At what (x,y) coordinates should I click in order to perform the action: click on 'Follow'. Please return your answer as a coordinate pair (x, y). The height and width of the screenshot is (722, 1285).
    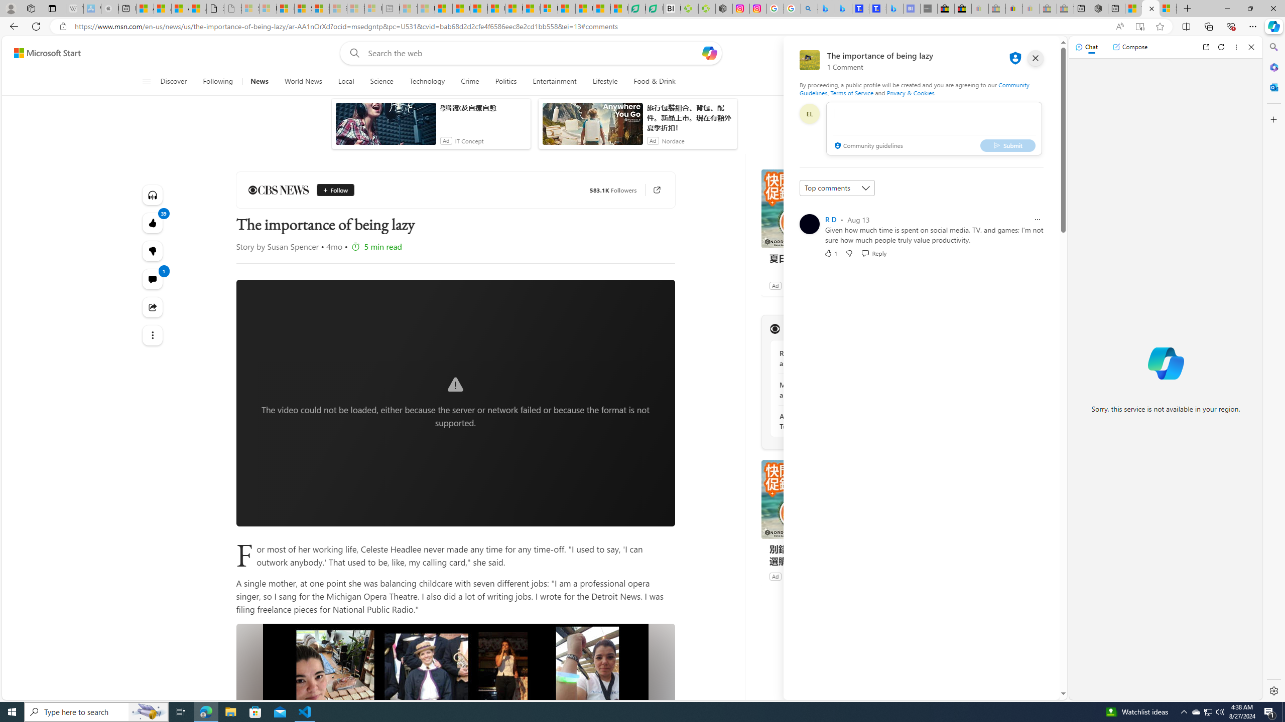
    Looking at the image, I should click on (331, 190).